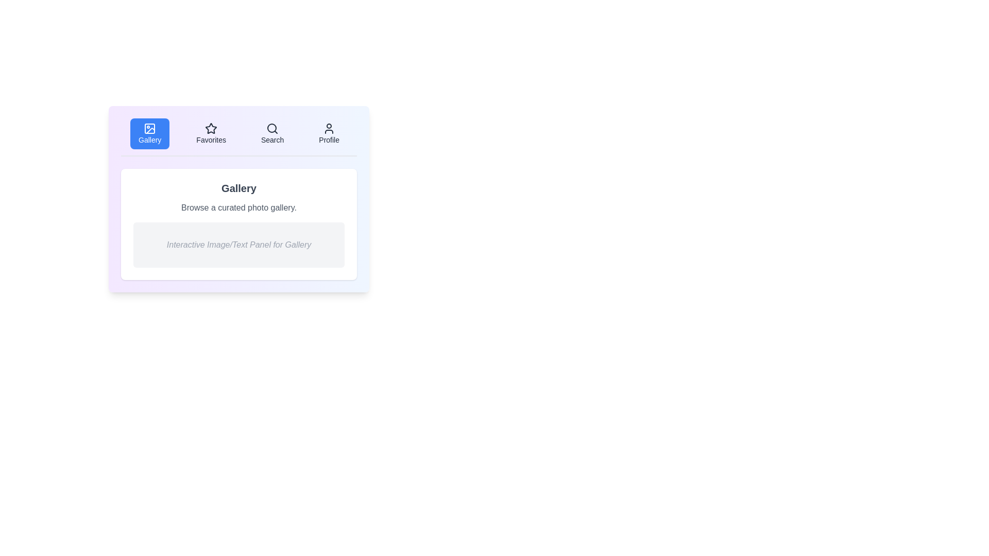 This screenshot has height=556, width=989. Describe the element at coordinates (149, 133) in the screenshot. I see `the Gallery tab` at that location.